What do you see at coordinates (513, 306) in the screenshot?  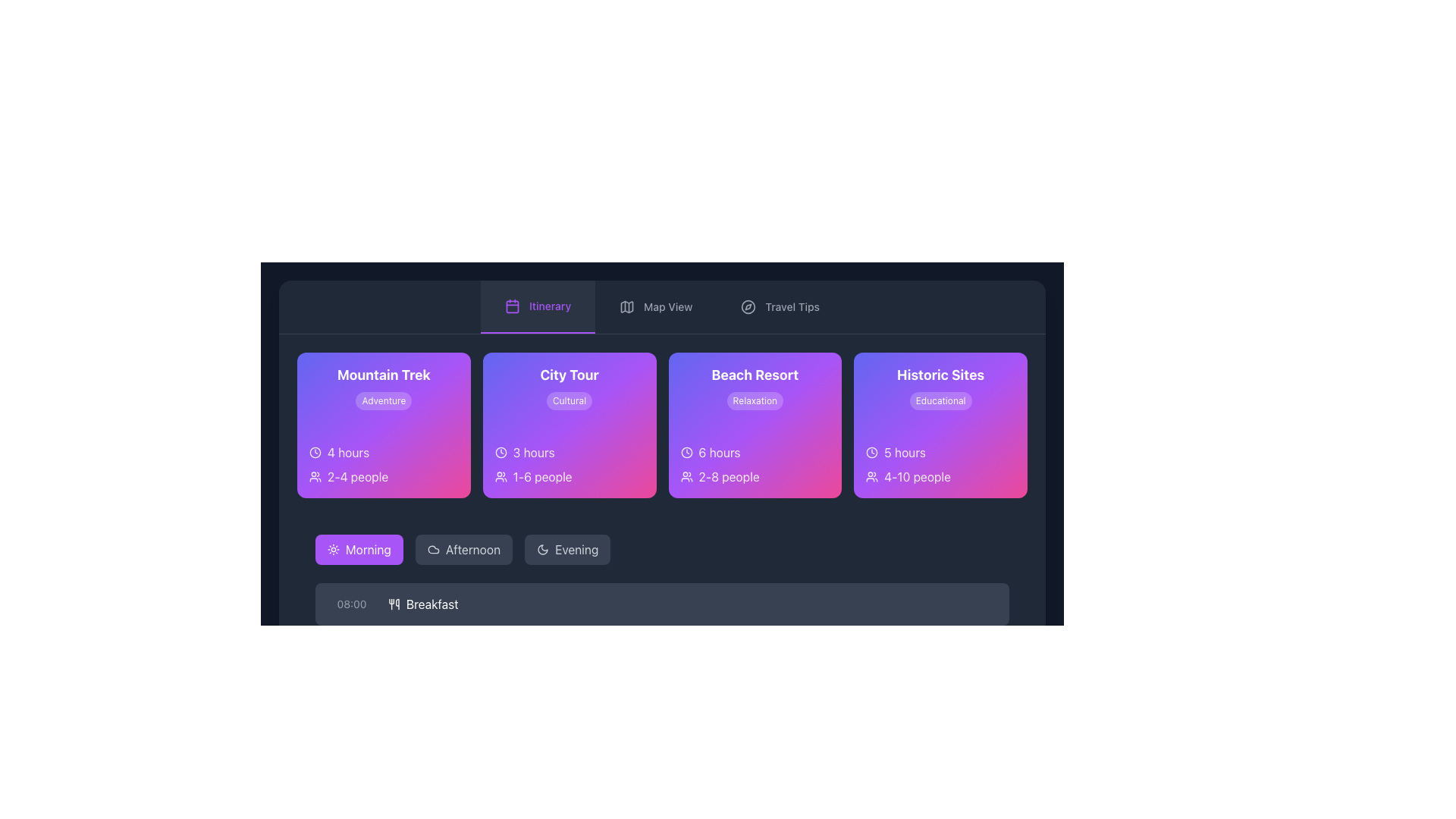 I see `the graphical icon component located in the top navigation bar, which is a darker rectangular area with rounded corners, positioned near the 'Itinerary' text` at bounding box center [513, 306].